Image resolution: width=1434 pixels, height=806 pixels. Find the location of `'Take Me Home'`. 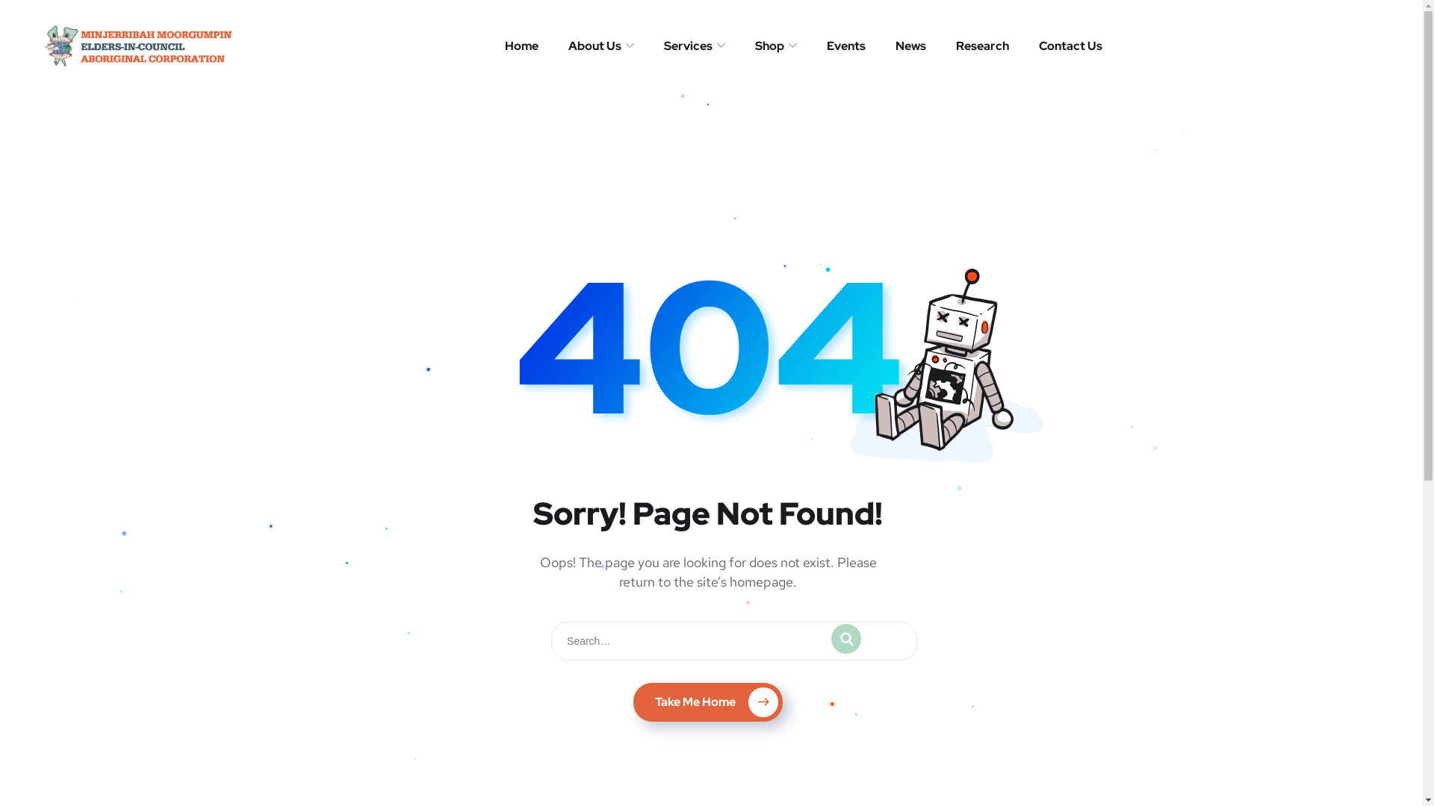

'Take Me Home' is located at coordinates (707, 702).